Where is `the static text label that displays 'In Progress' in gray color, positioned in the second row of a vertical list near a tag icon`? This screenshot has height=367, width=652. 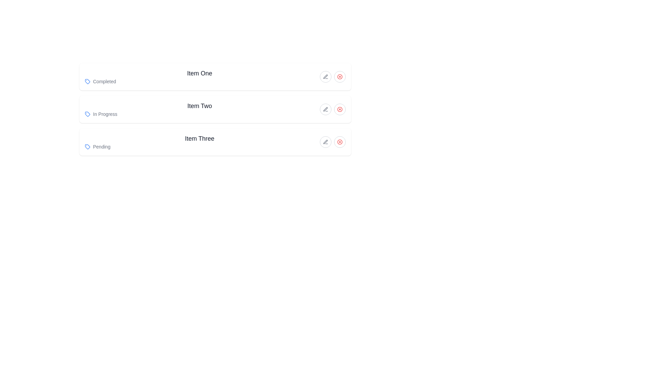 the static text label that displays 'In Progress' in gray color, positioned in the second row of a vertical list near a tag icon is located at coordinates (105, 113).